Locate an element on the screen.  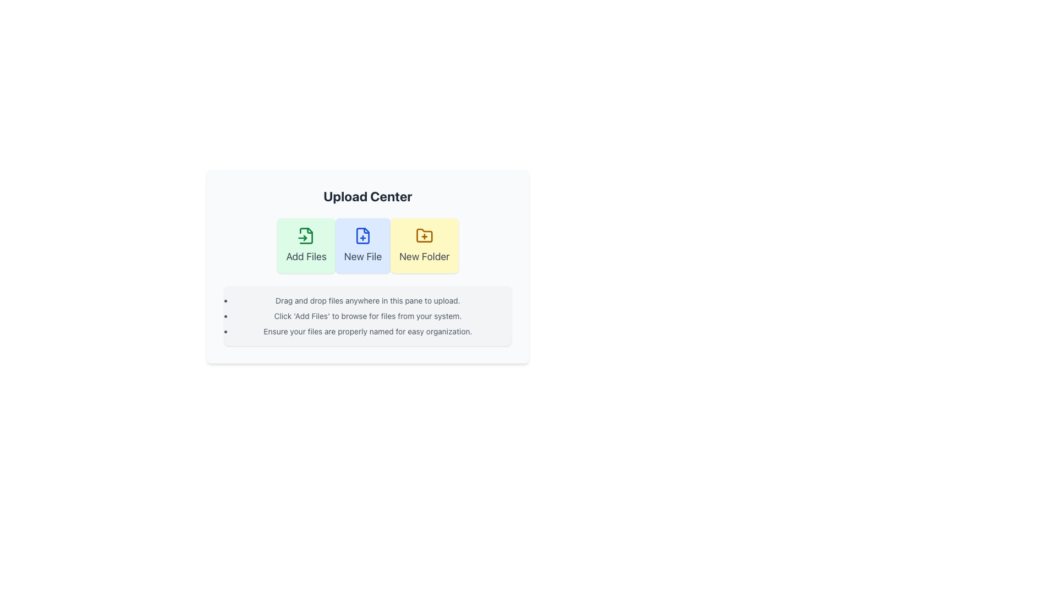
the middle button in the Upload Center section is located at coordinates (367, 267).